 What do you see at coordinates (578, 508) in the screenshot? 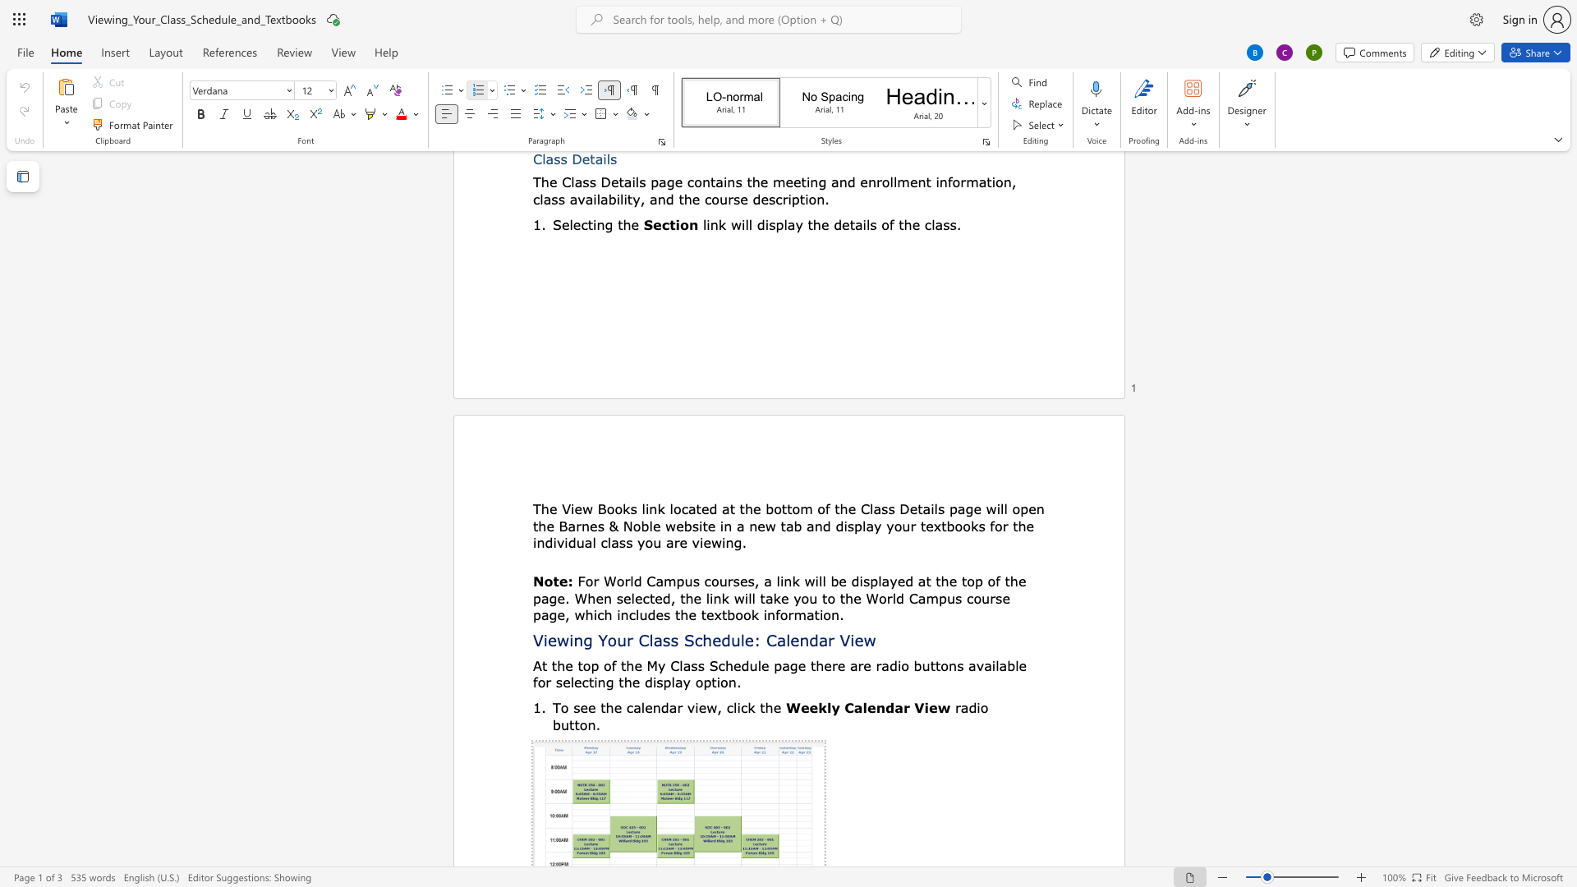
I see `the 2th character "e" in the text` at bounding box center [578, 508].